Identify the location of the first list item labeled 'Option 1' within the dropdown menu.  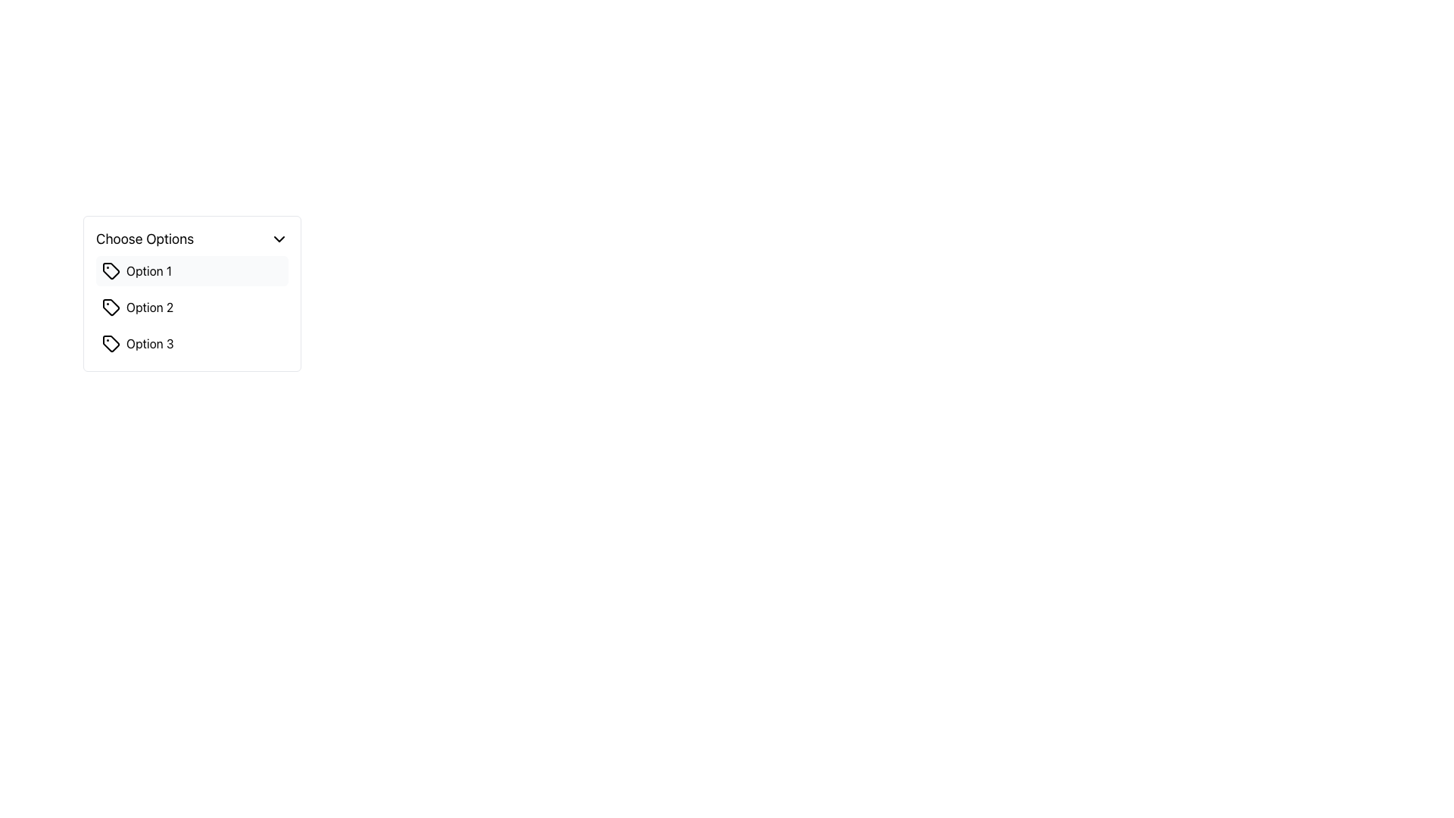
(192, 270).